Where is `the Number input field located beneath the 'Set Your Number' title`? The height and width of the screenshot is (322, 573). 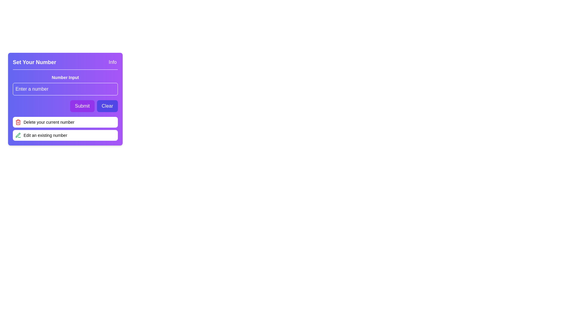
the Number input field located beneath the 'Set Your Number' title is located at coordinates (65, 89).